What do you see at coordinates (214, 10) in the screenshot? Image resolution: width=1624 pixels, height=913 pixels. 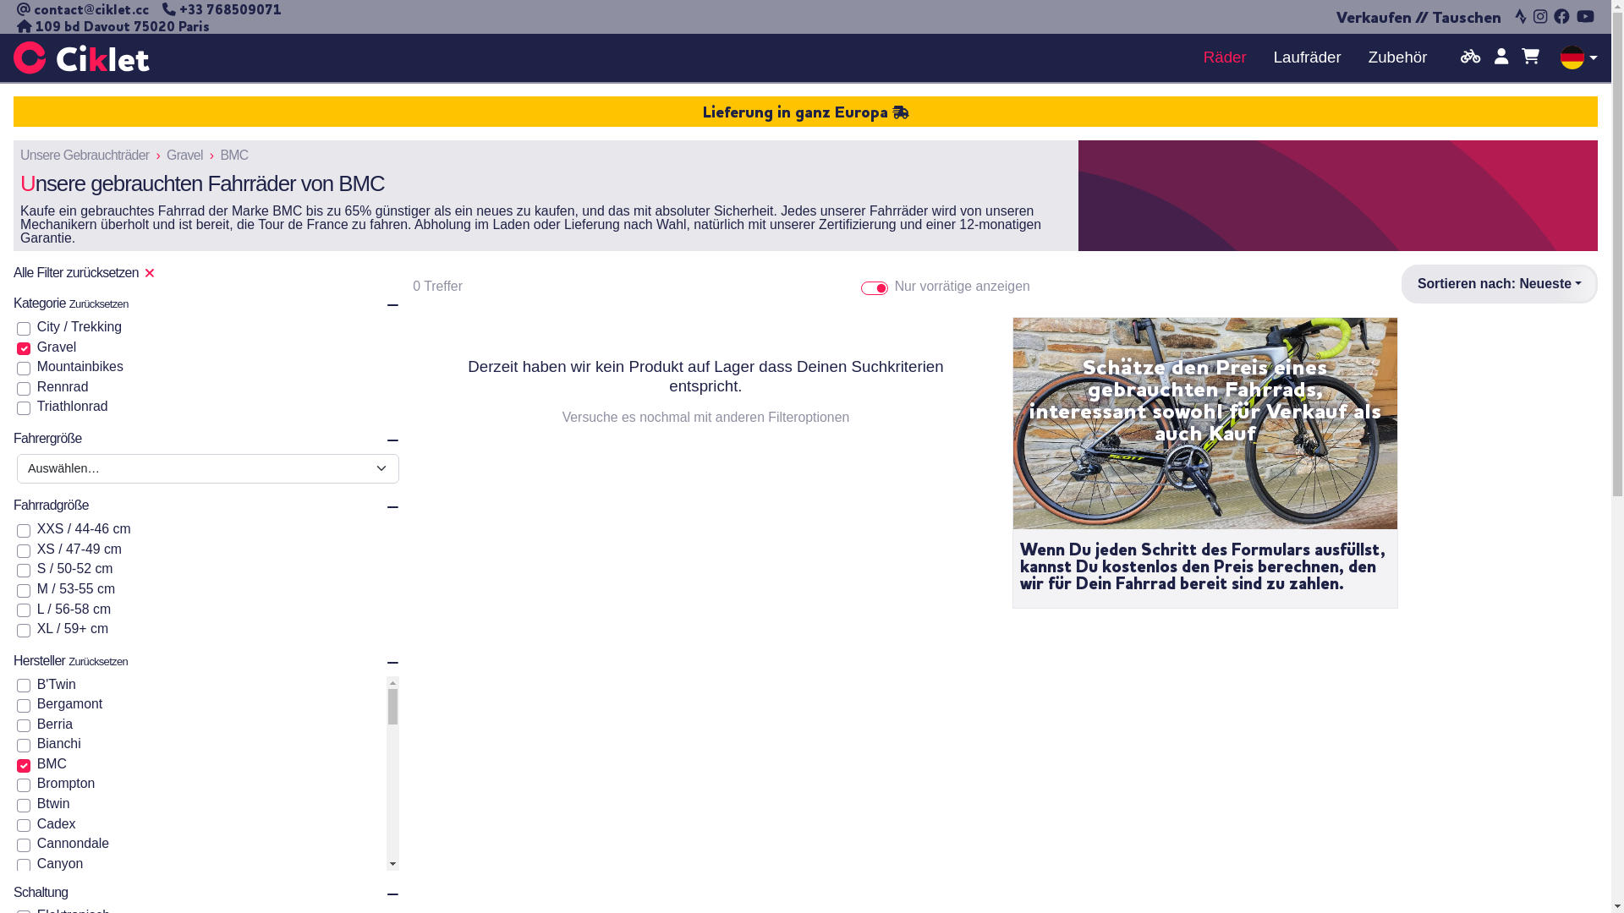 I see `'+33 768509071'` at bounding box center [214, 10].